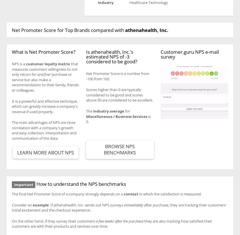 Image resolution: width=240 pixels, height=235 pixels. Describe the element at coordinates (160, 54) in the screenshot. I see `'Customer.guru NPS e-mail survey'` at that location.